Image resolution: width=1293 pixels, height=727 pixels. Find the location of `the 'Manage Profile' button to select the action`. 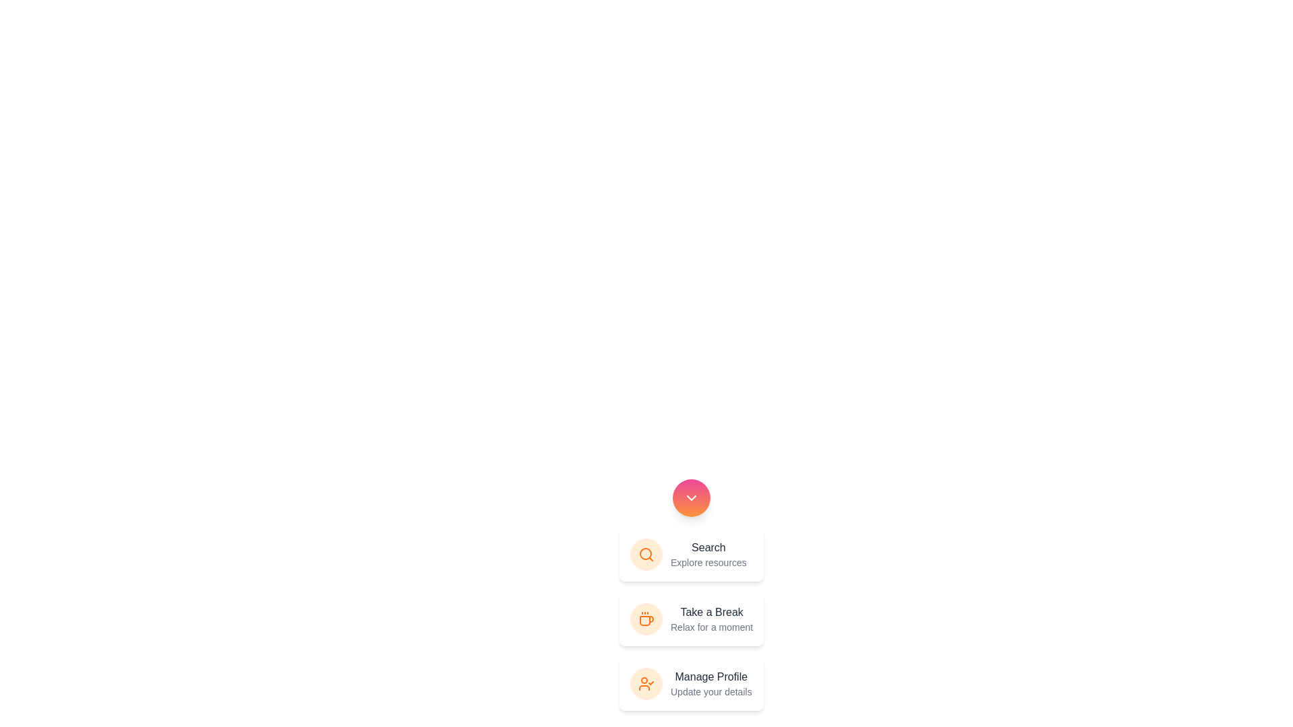

the 'Manage Profile' button to select the action is located at coordinates (692, 683).